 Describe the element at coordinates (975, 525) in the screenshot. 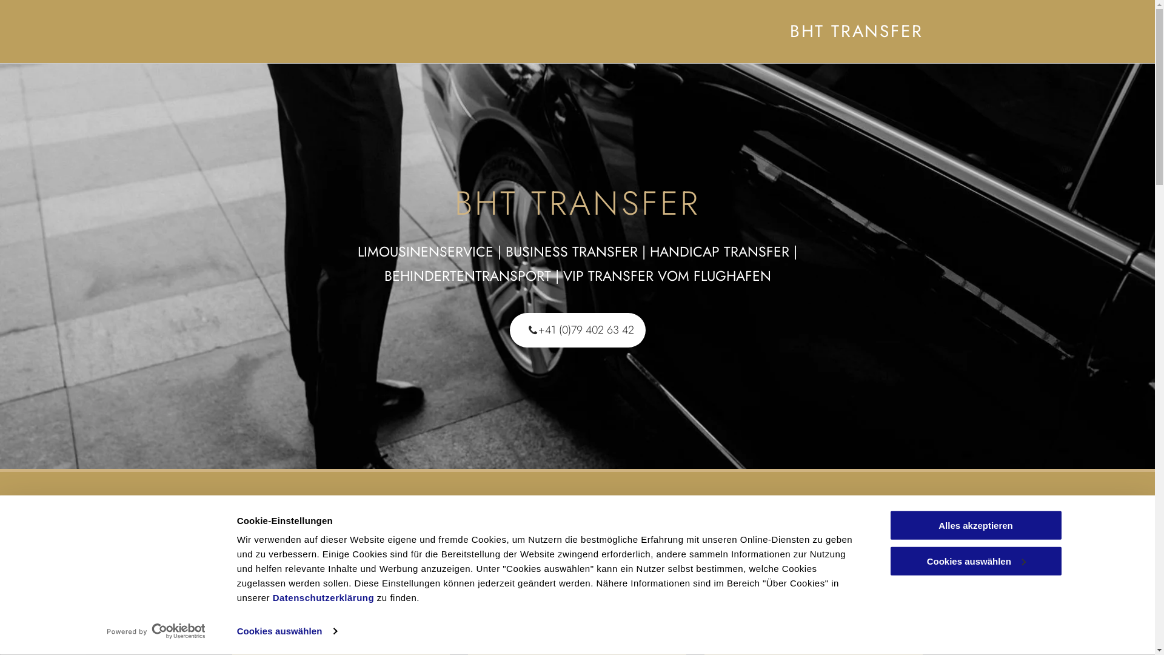

I see `'Alles akzeptieren'` at that location.